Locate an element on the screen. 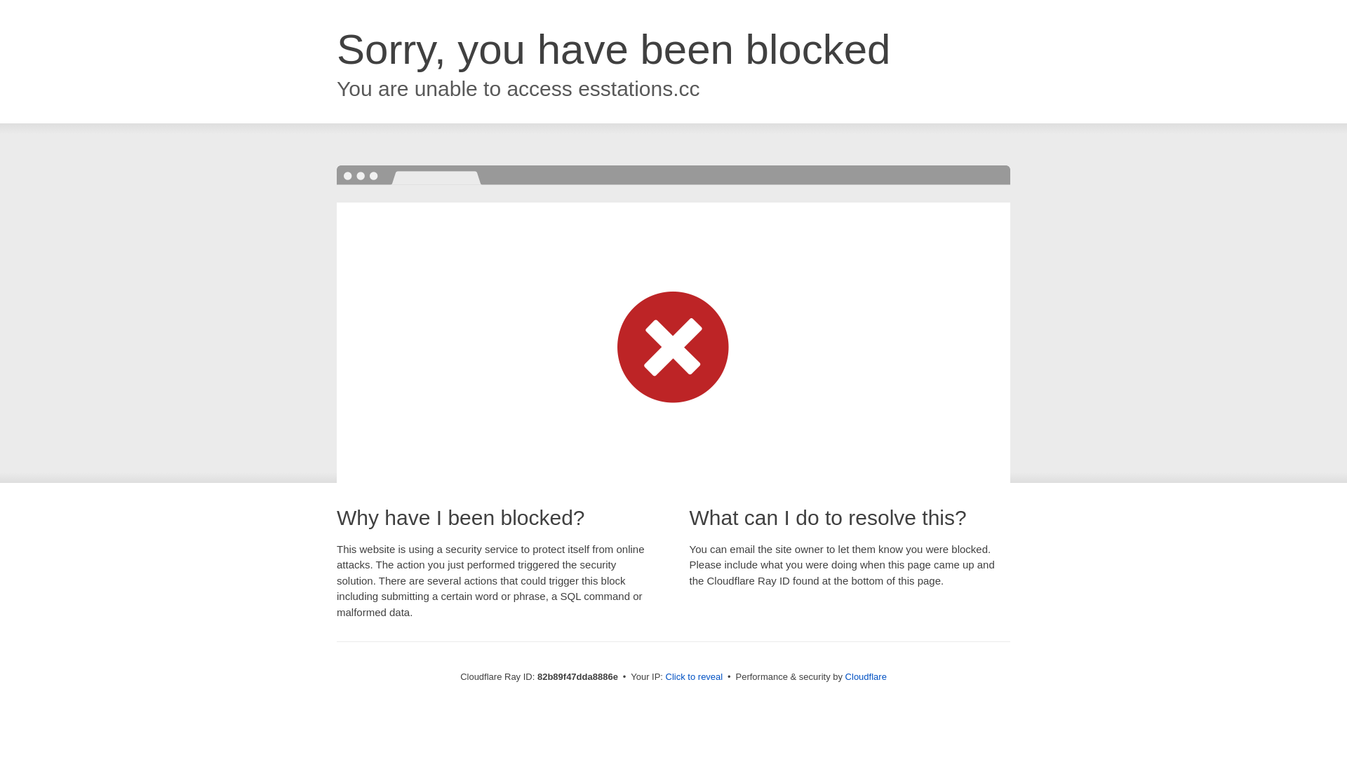 The width and height of the screenshot is (1347, 757). 'Cloudflare' is located at coordinates (865, 676).